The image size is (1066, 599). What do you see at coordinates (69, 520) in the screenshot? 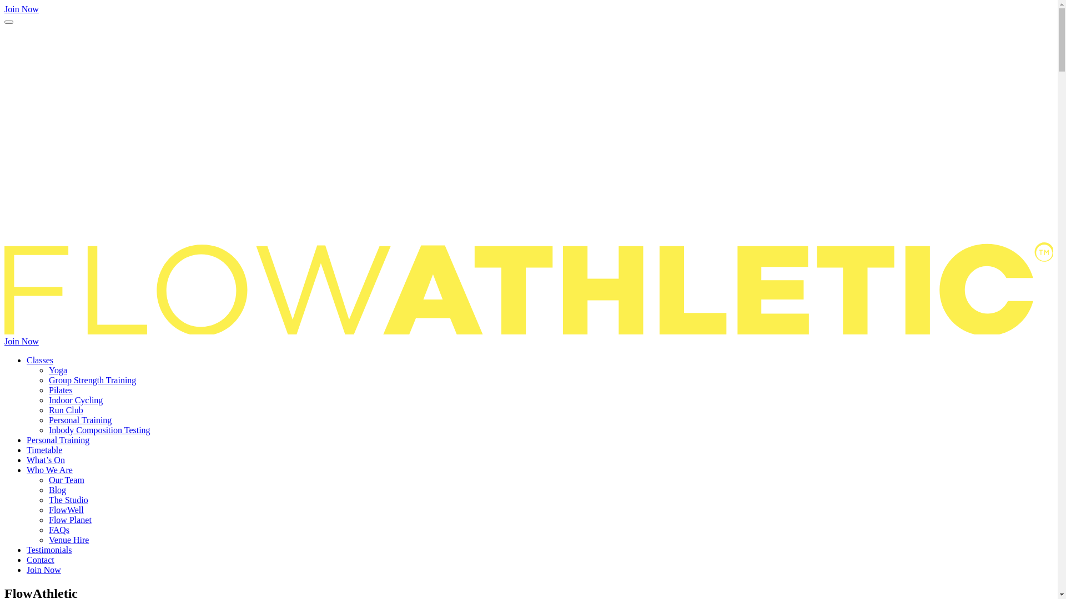
I see `'Flow Planet'` at bounding box center [69, 520].